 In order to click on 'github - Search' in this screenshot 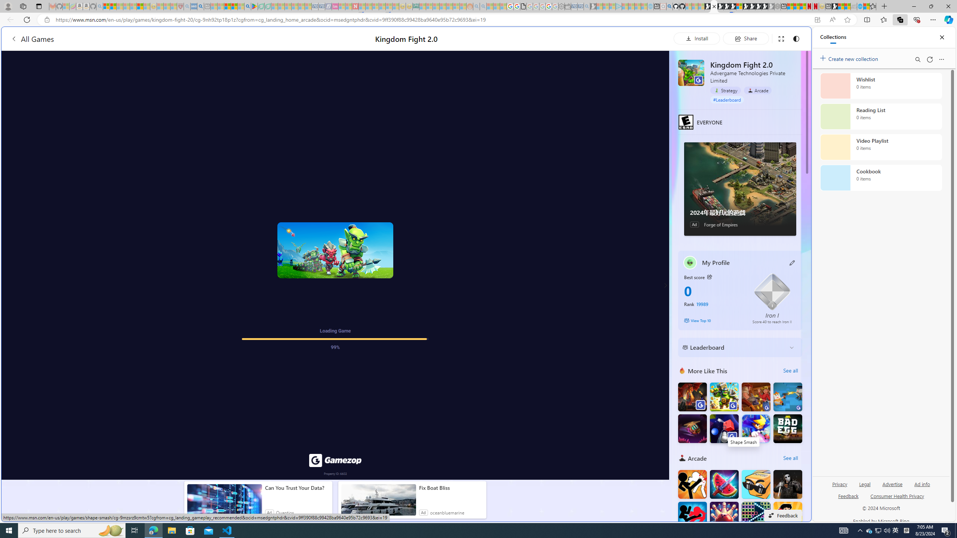, I will do `click(669, 6)`.